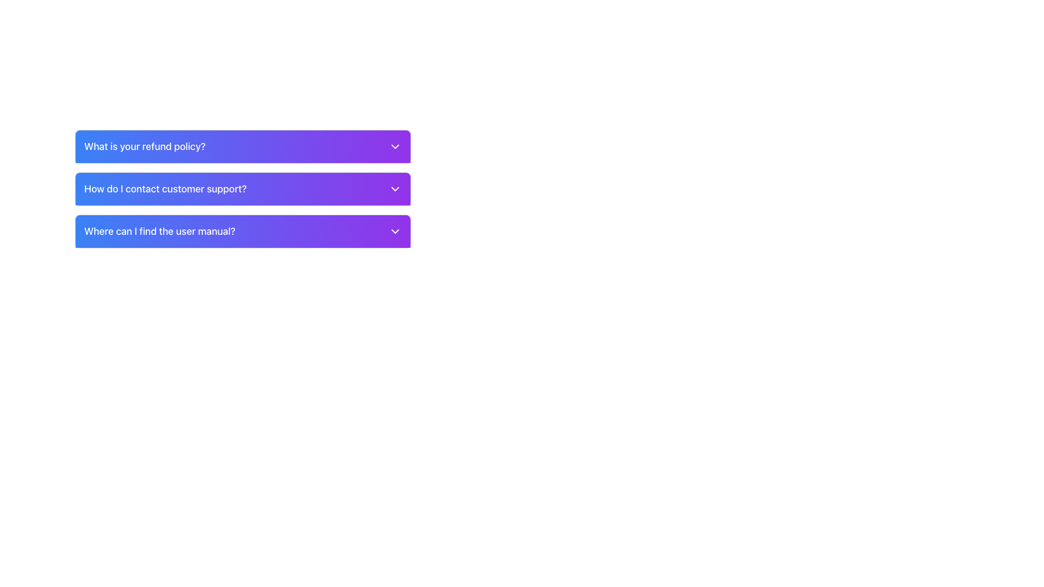 The height and width of the screenshot is (587, 1044). What do you see at coordinates (144, 147) in the screenshot?
I see `the text label stating 'What is your refund policy?' which is styled in large bold white font on a gradient blue and purple background` at bounding box center [144, 147].